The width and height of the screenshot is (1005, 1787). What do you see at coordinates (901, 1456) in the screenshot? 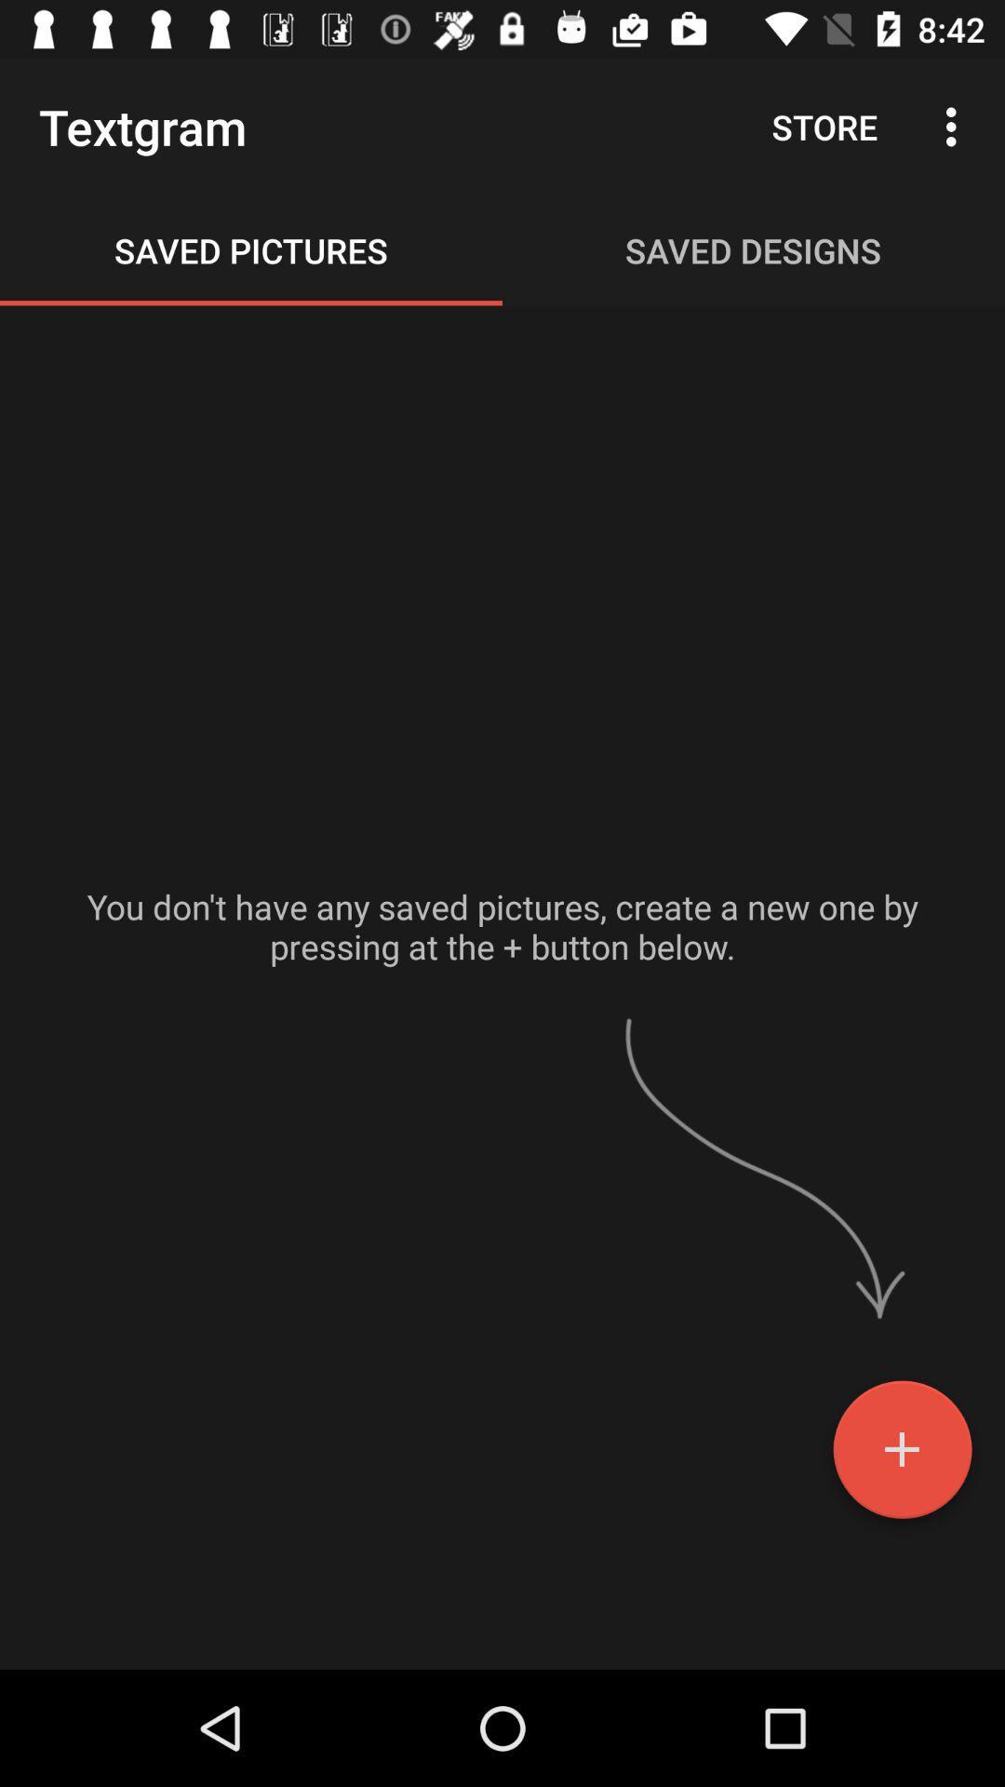
I see `the add icon` at bounding box center [901, 1456].